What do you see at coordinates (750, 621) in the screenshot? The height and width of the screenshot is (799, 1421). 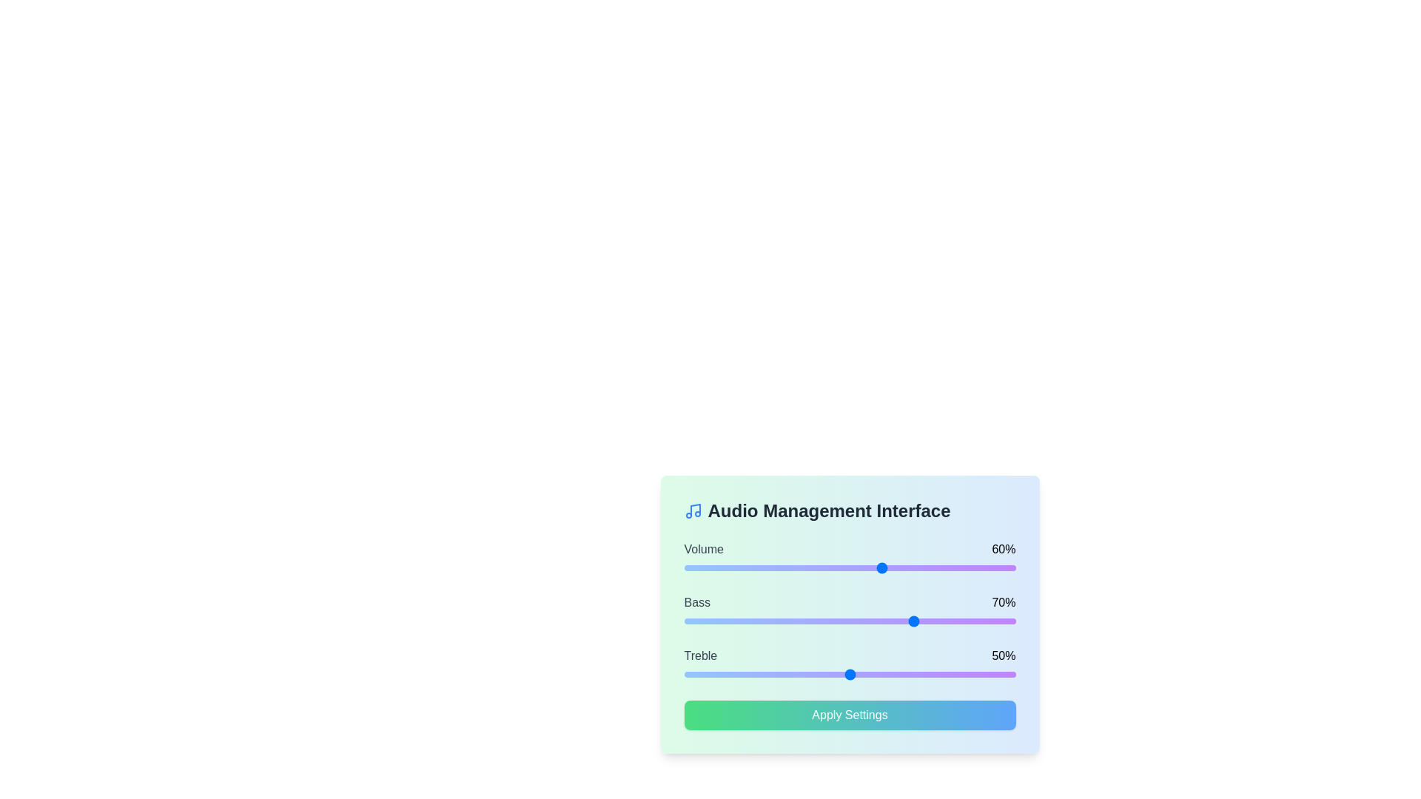 I see `the slider` at bounding box center [750, 621].